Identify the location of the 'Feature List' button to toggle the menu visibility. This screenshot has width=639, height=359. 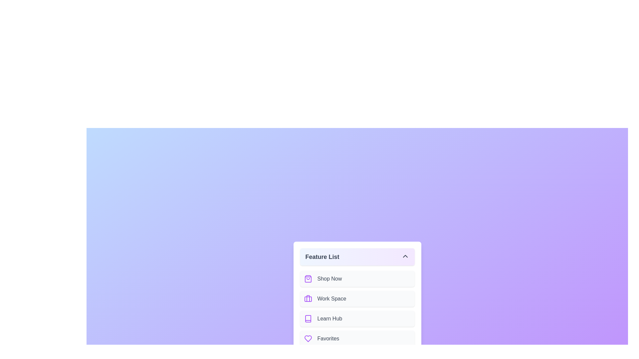
(357, 256).